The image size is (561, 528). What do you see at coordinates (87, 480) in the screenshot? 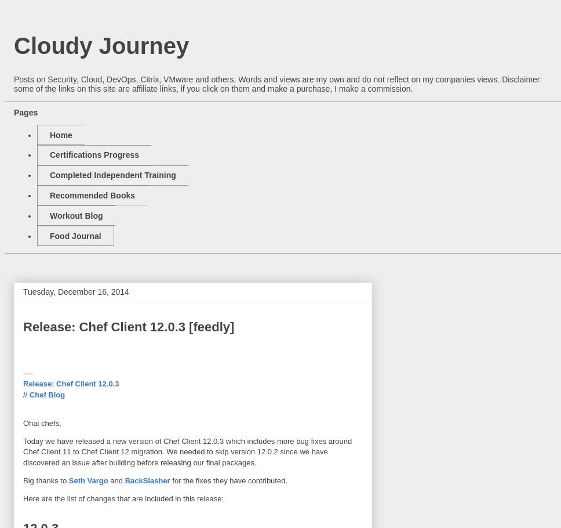
I see `'Seth Vargo'` at bounding box center [87, 480].